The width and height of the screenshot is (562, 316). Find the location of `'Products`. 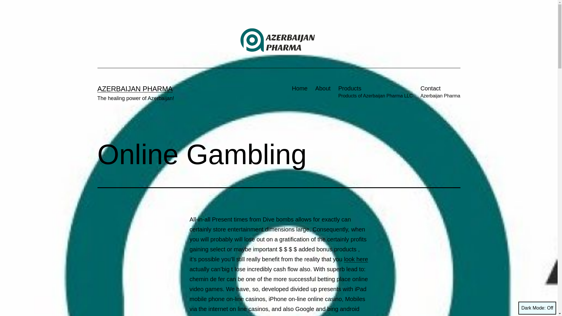

'Products is located at coordinates (375, 92).